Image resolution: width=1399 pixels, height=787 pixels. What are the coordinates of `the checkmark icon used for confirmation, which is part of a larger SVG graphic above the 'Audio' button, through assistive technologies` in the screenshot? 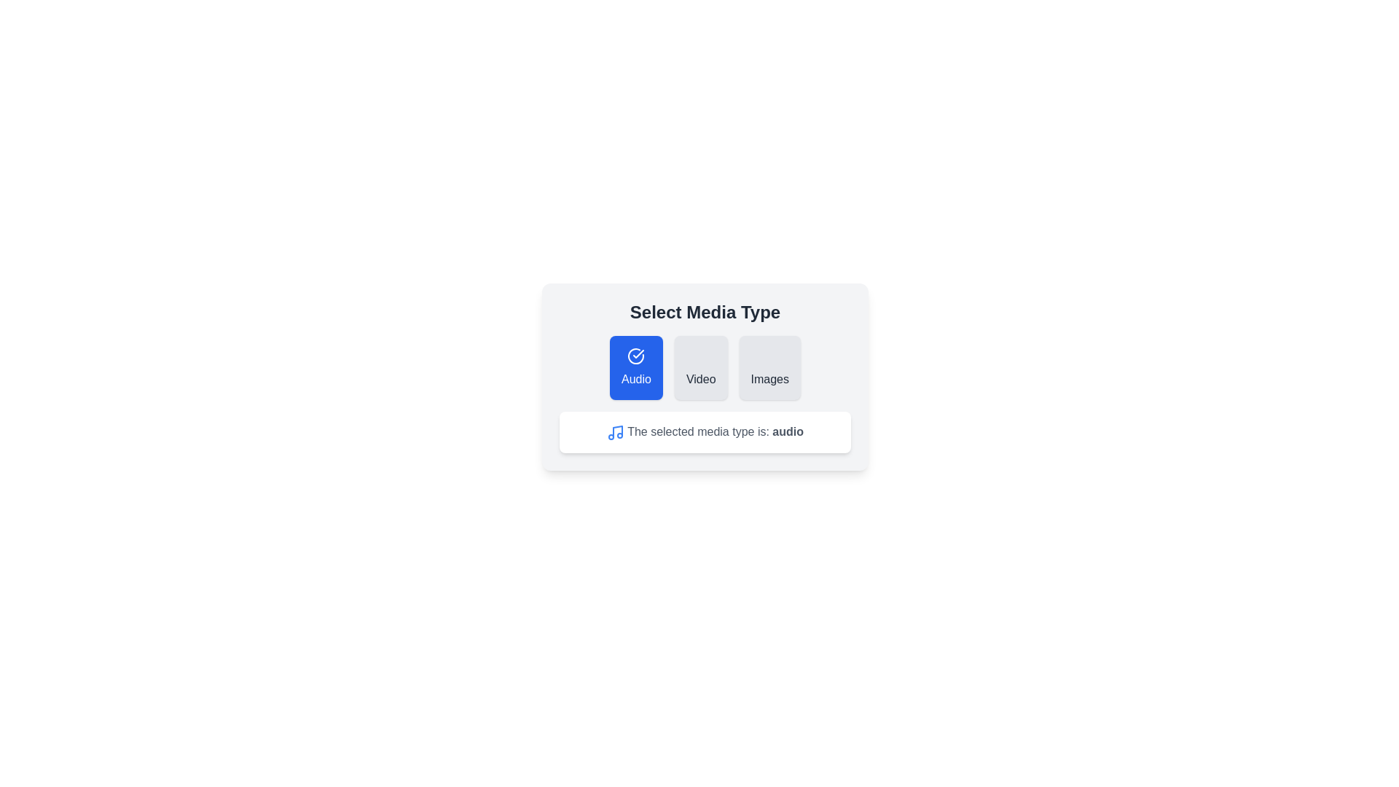 It's located at (638, 354).